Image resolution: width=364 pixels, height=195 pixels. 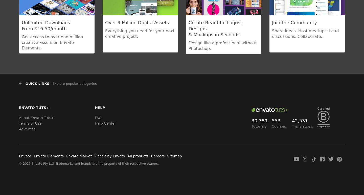 What do you see at coordinates (137, 22) in the screenshot?
I see `'Over 9 Million Digital Assets'` at bounding box center [137, 22].